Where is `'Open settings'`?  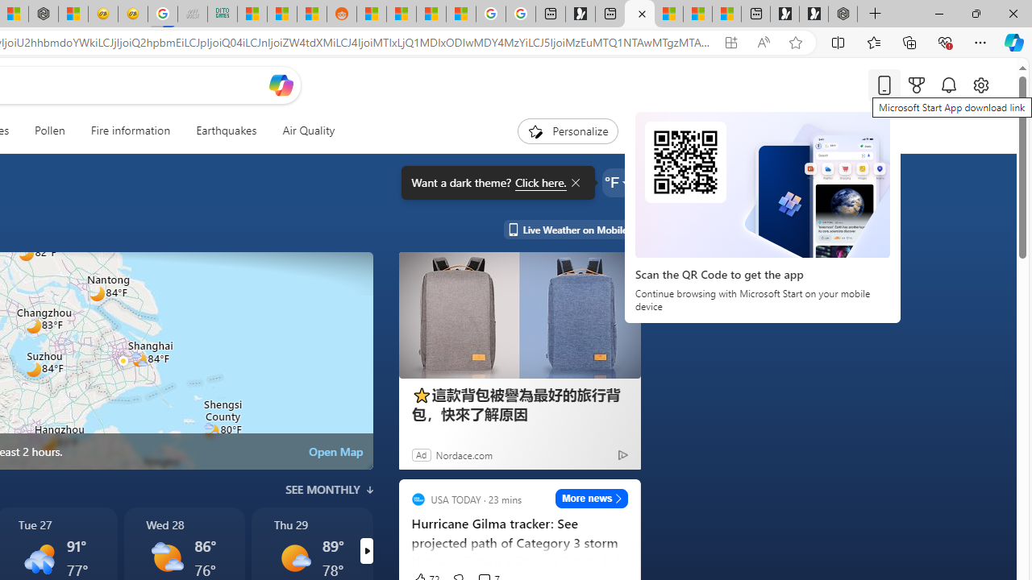 'Open settings' is located at coordinates (980, 85).